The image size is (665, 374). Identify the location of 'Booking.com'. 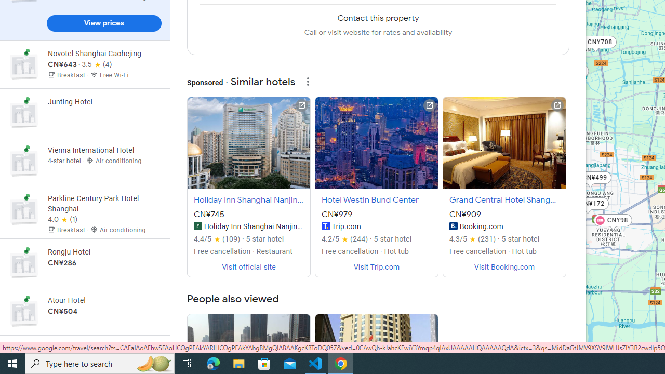
(453, 225).